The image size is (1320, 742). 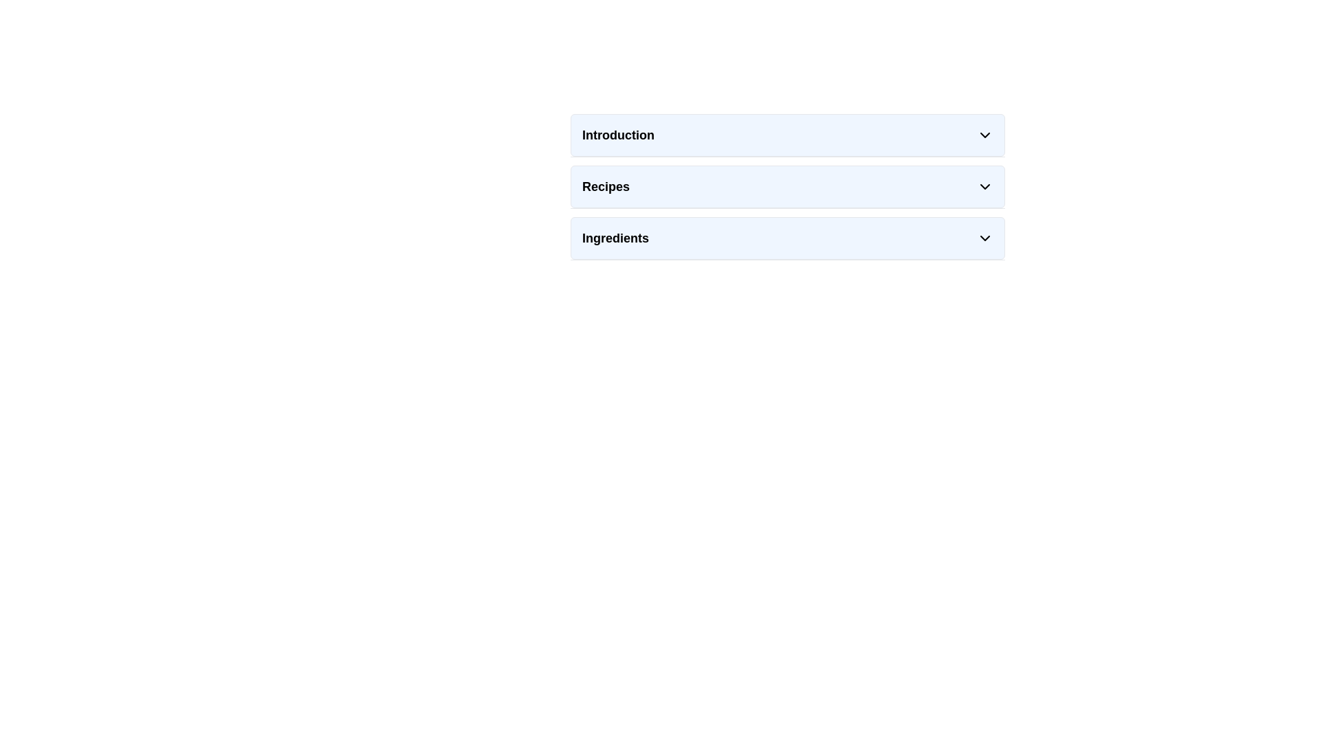 I want to click on the Dropdown indicator icon (chevron) at the far-right edge of the 'Introduction' button, so click(x=984, y=135).